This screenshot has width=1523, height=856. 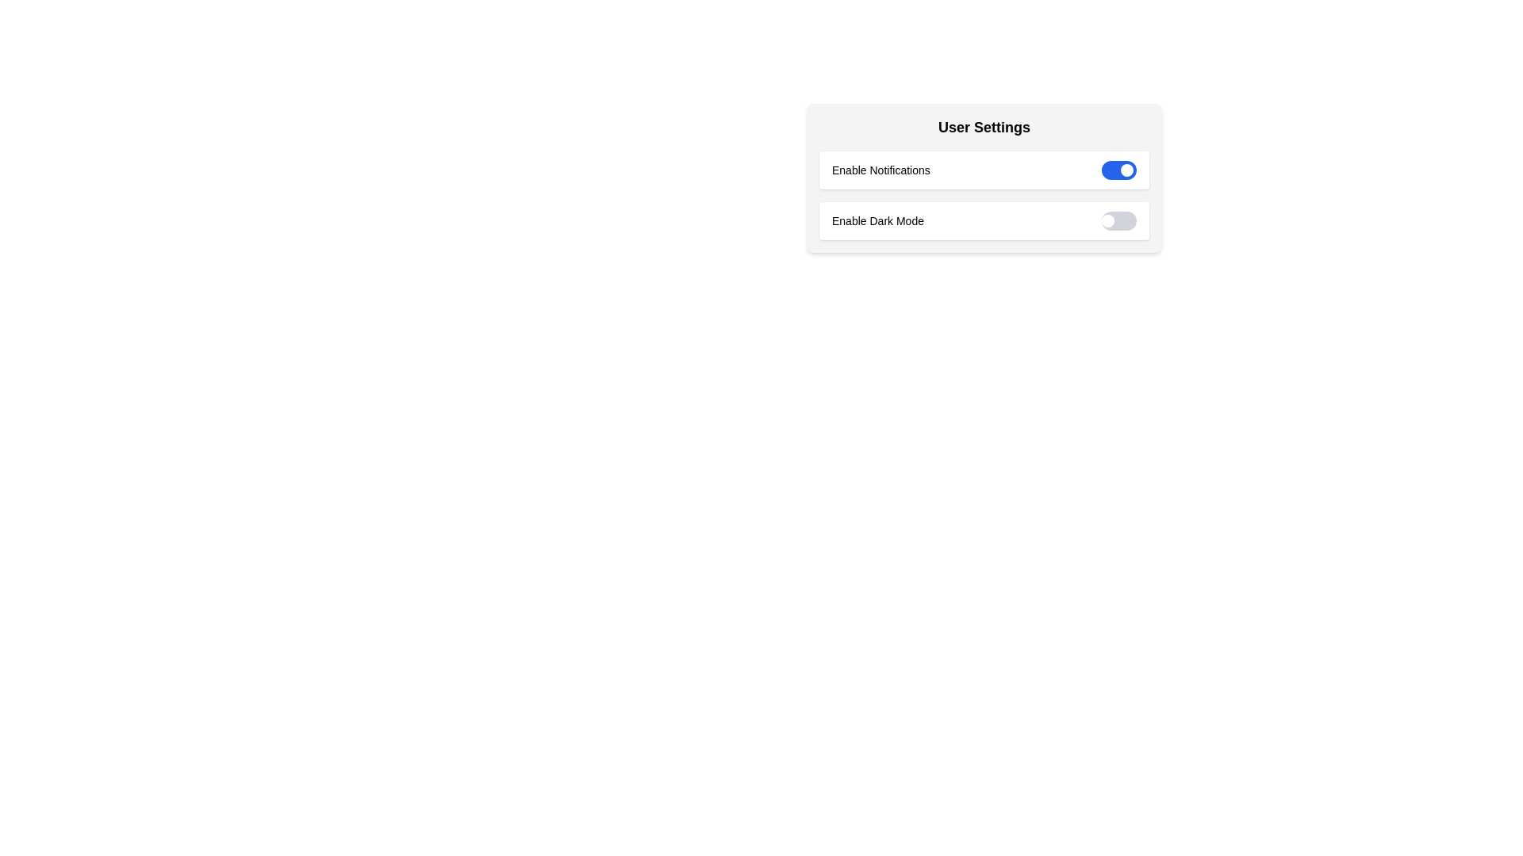 I want to click on the toggle switch labeled 'Enable Dark Mode' to change its state from off to on, so click(x=984, y=220).